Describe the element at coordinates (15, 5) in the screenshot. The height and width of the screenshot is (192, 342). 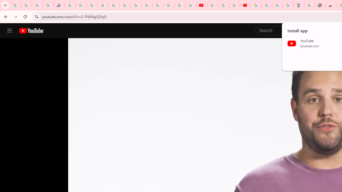
I see `'Google Workspace Admin Community'` at that location.